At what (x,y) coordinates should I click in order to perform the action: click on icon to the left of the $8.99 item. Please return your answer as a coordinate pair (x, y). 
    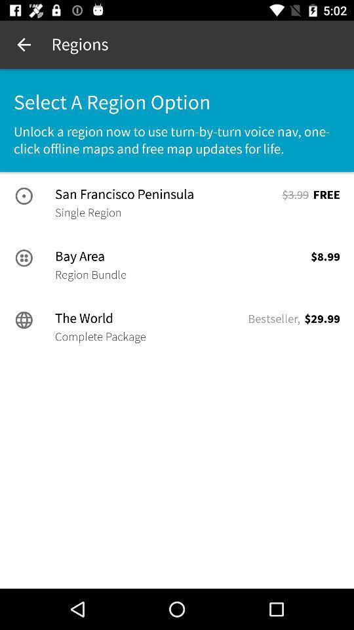
    Looking at the image, I should click on (90, 274).